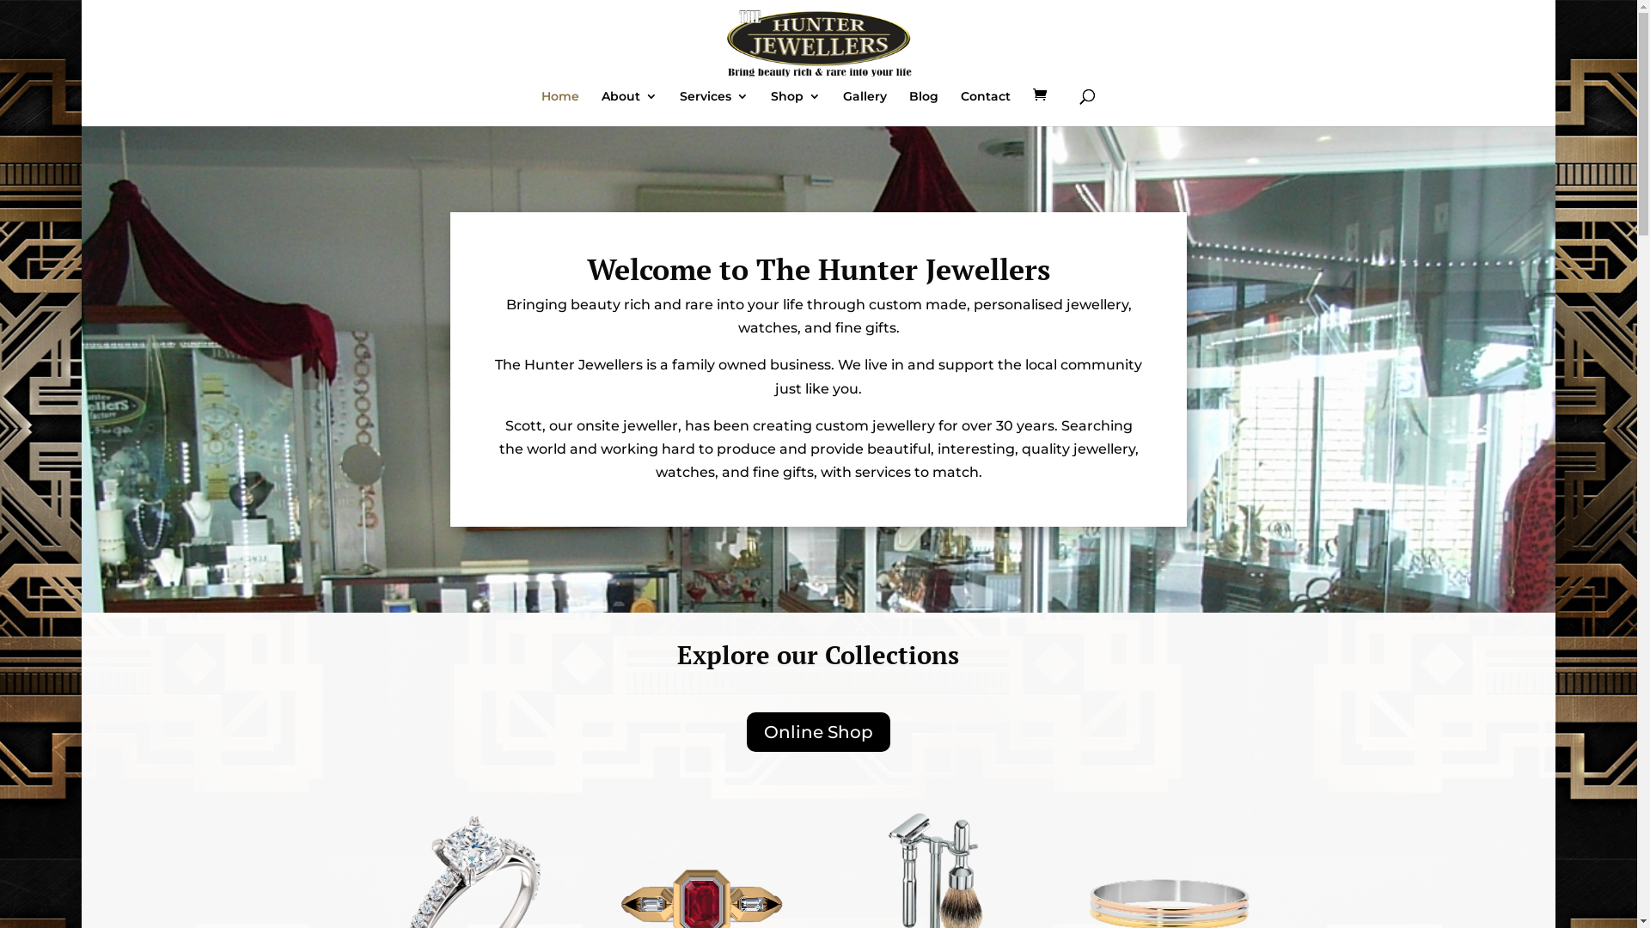 Image resolution: width=1650 pixels, height=928 pixels. Describe the element at coordinates (842, 108) in the screenshot. I see `'Gallery'` at that location.